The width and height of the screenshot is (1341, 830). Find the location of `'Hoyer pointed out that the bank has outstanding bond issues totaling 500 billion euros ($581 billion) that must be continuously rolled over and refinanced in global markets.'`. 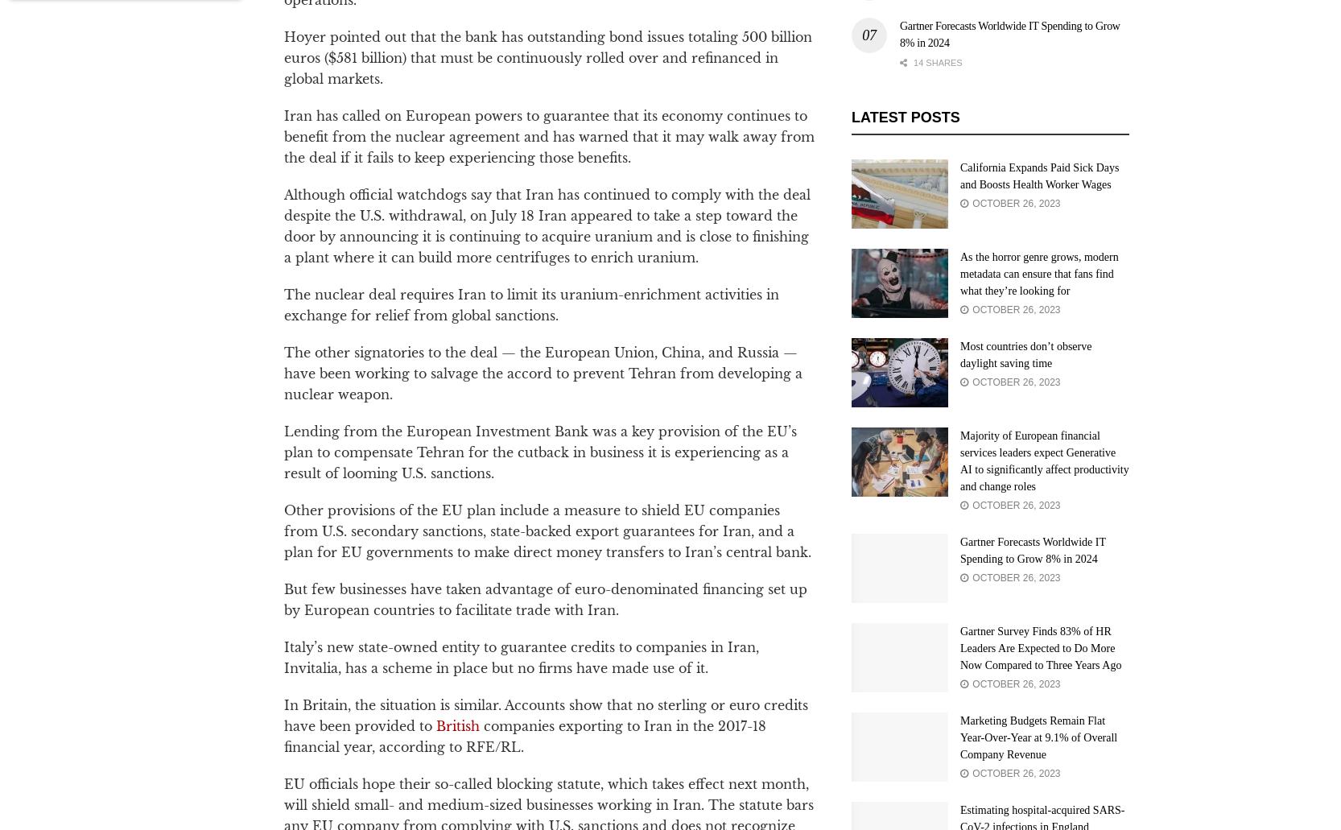

'Hoyer pointed out that the bank has outstanding bond issues totaling 500 billion euros ($581 billion) that must be continuously rolled over and refinanced in global markets.' is located at coordinates (547, 57).